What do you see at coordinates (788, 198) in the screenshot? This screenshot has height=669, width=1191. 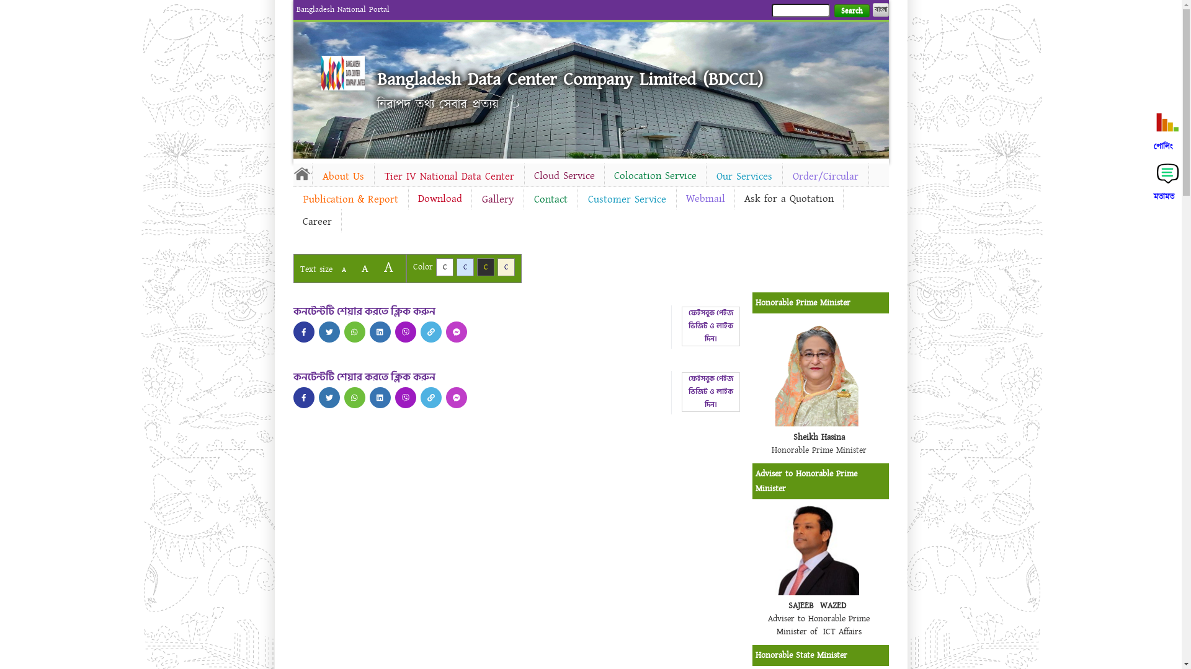 I see `'Ask for a Quotation'` at bounding box center [788, 198].